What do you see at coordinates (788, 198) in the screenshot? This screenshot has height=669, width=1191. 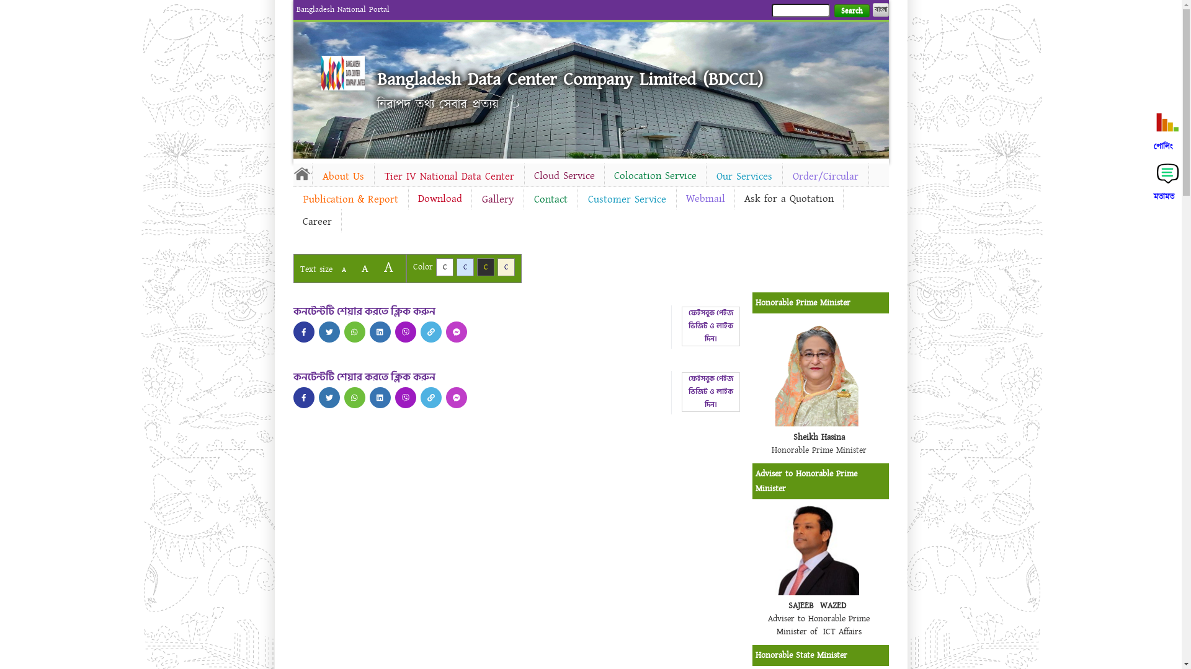 I see `'Ask for a Quotation'` at bounding box center [788, 198].